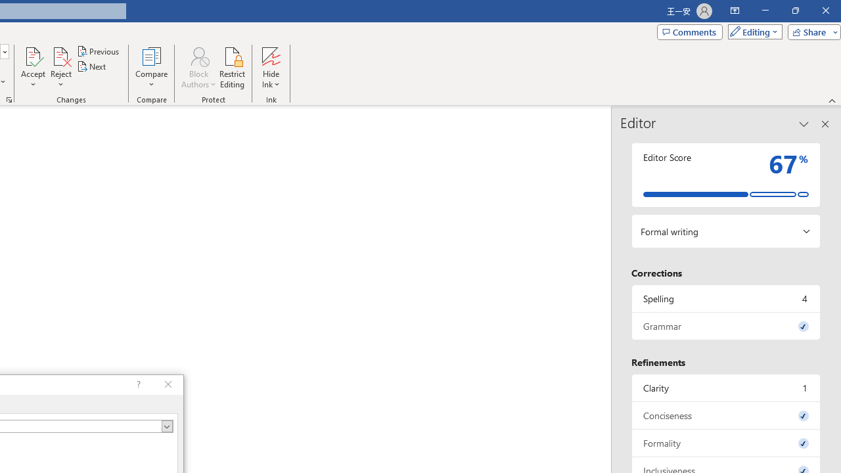  Describe the element at coordinates (725, 443) in the screenshot. I see `'Formality, 0 issues. Press space or enter to review items.'` at that location.